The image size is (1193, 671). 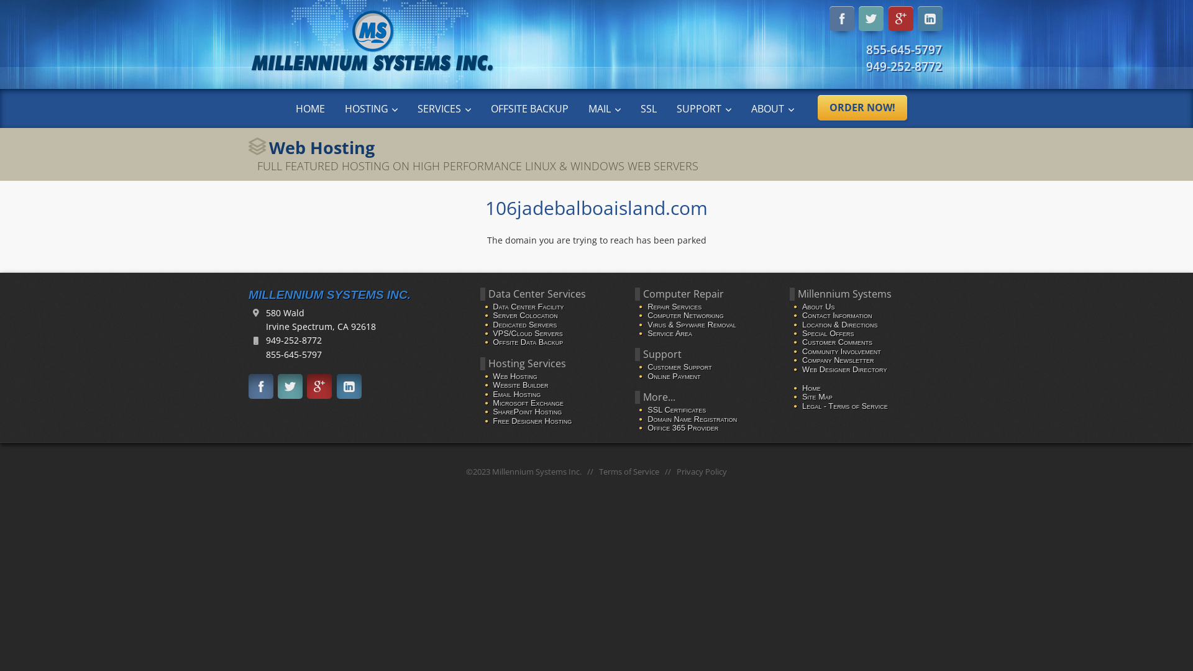 I want to click on 'Offsite Data Backup', so click(x=491, y=342).